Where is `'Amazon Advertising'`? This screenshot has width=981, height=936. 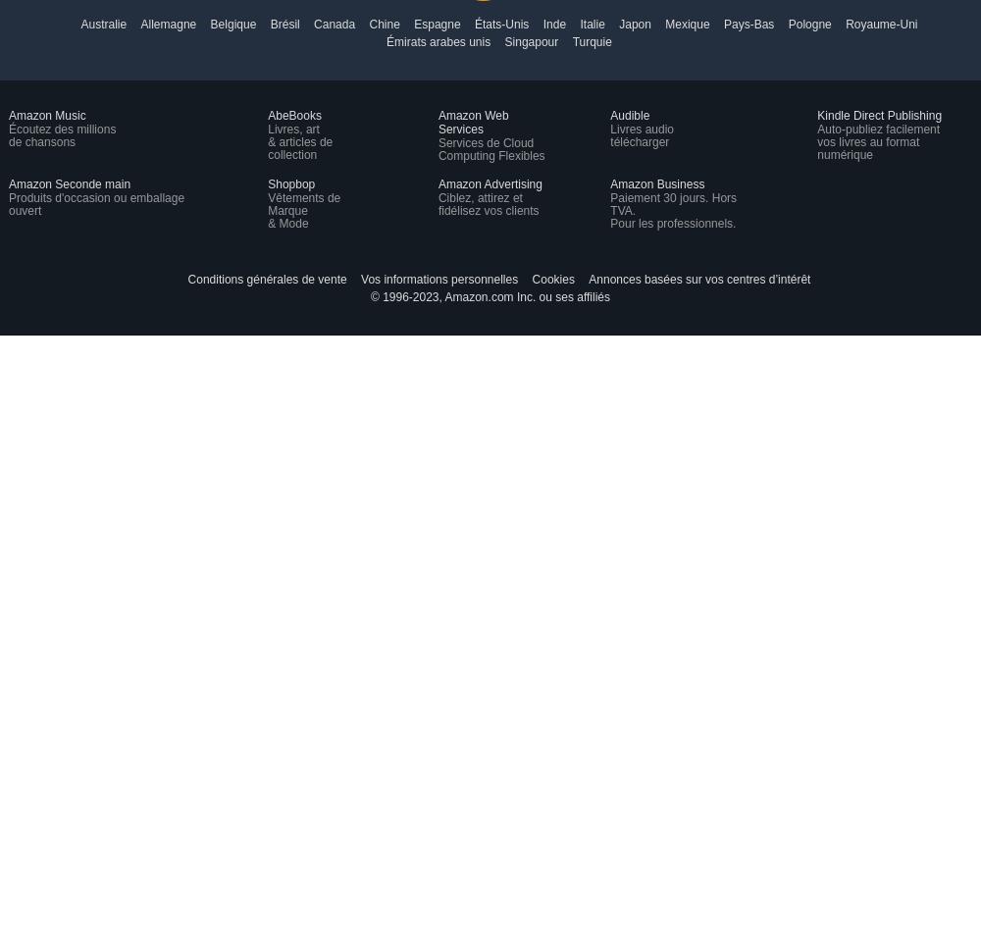
'Amazon Advertising' is located at coordinates (489, 183).